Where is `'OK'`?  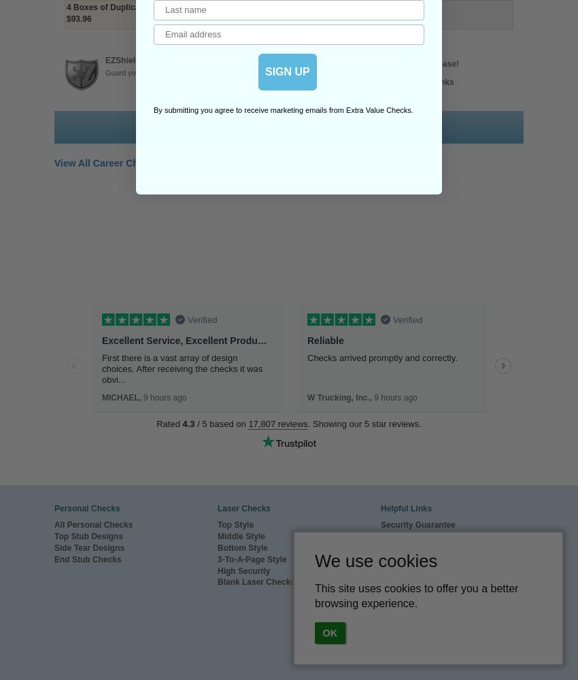 'OK' is located at coordinates (330, 632).